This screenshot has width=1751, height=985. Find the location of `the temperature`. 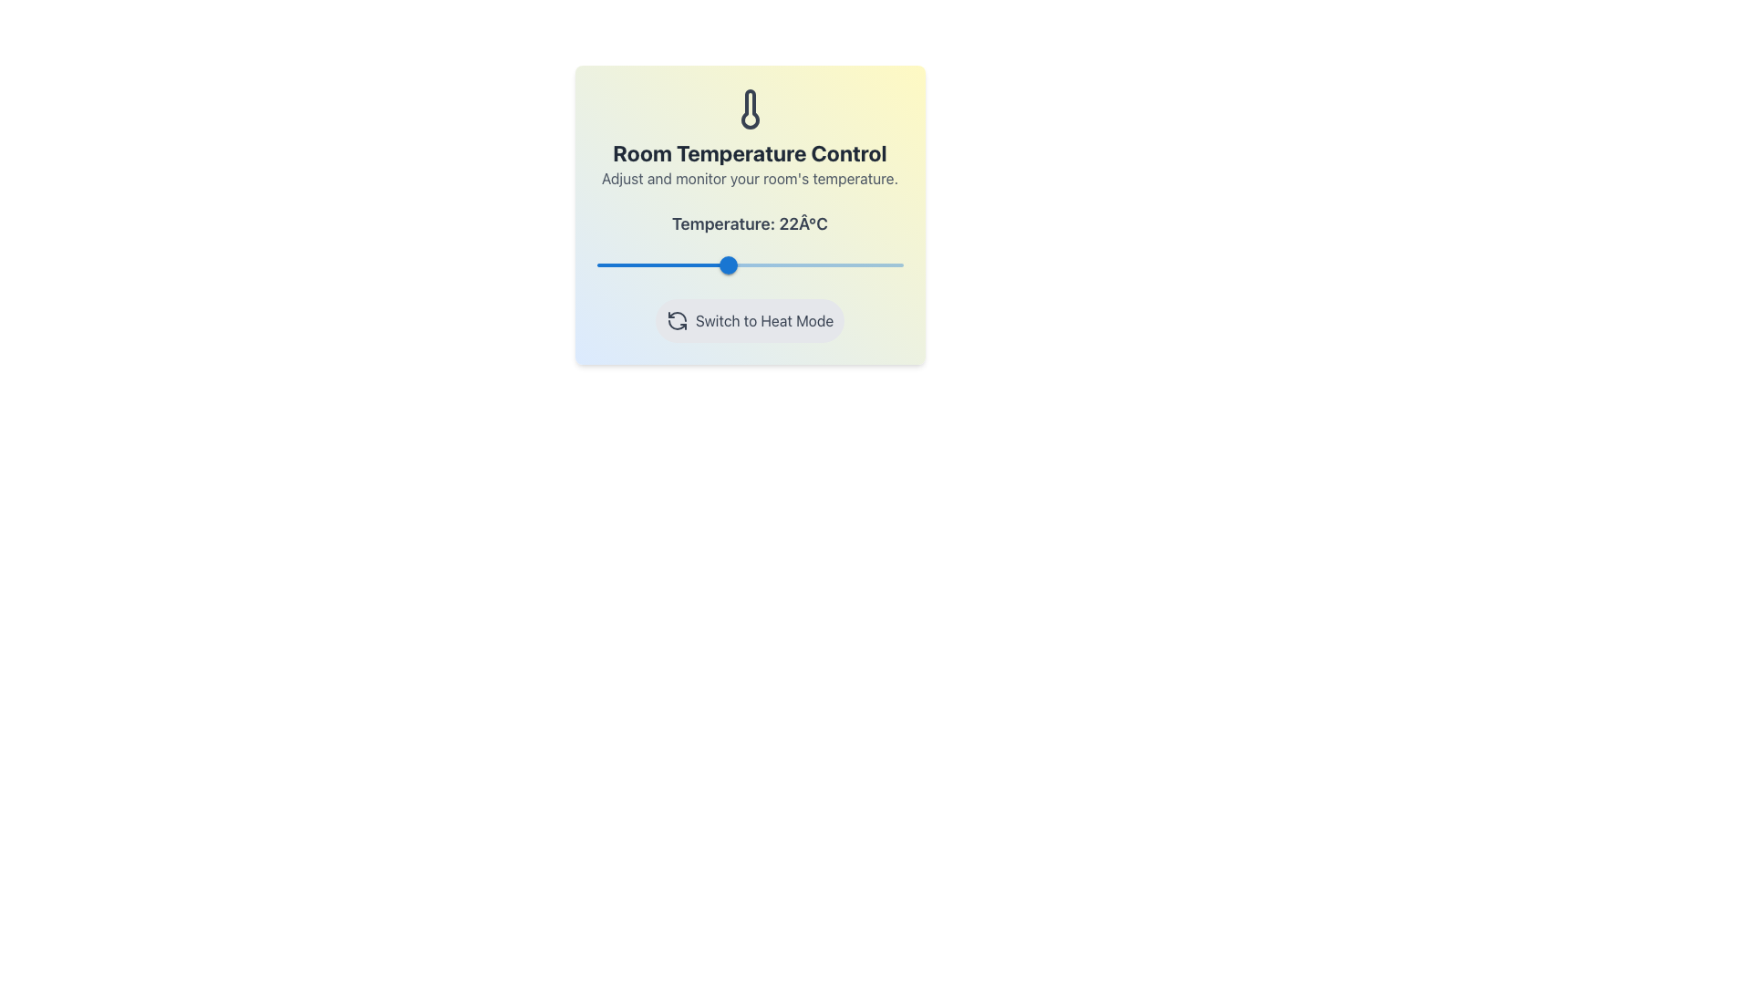

the temperature is located at coordinates (803, 264).